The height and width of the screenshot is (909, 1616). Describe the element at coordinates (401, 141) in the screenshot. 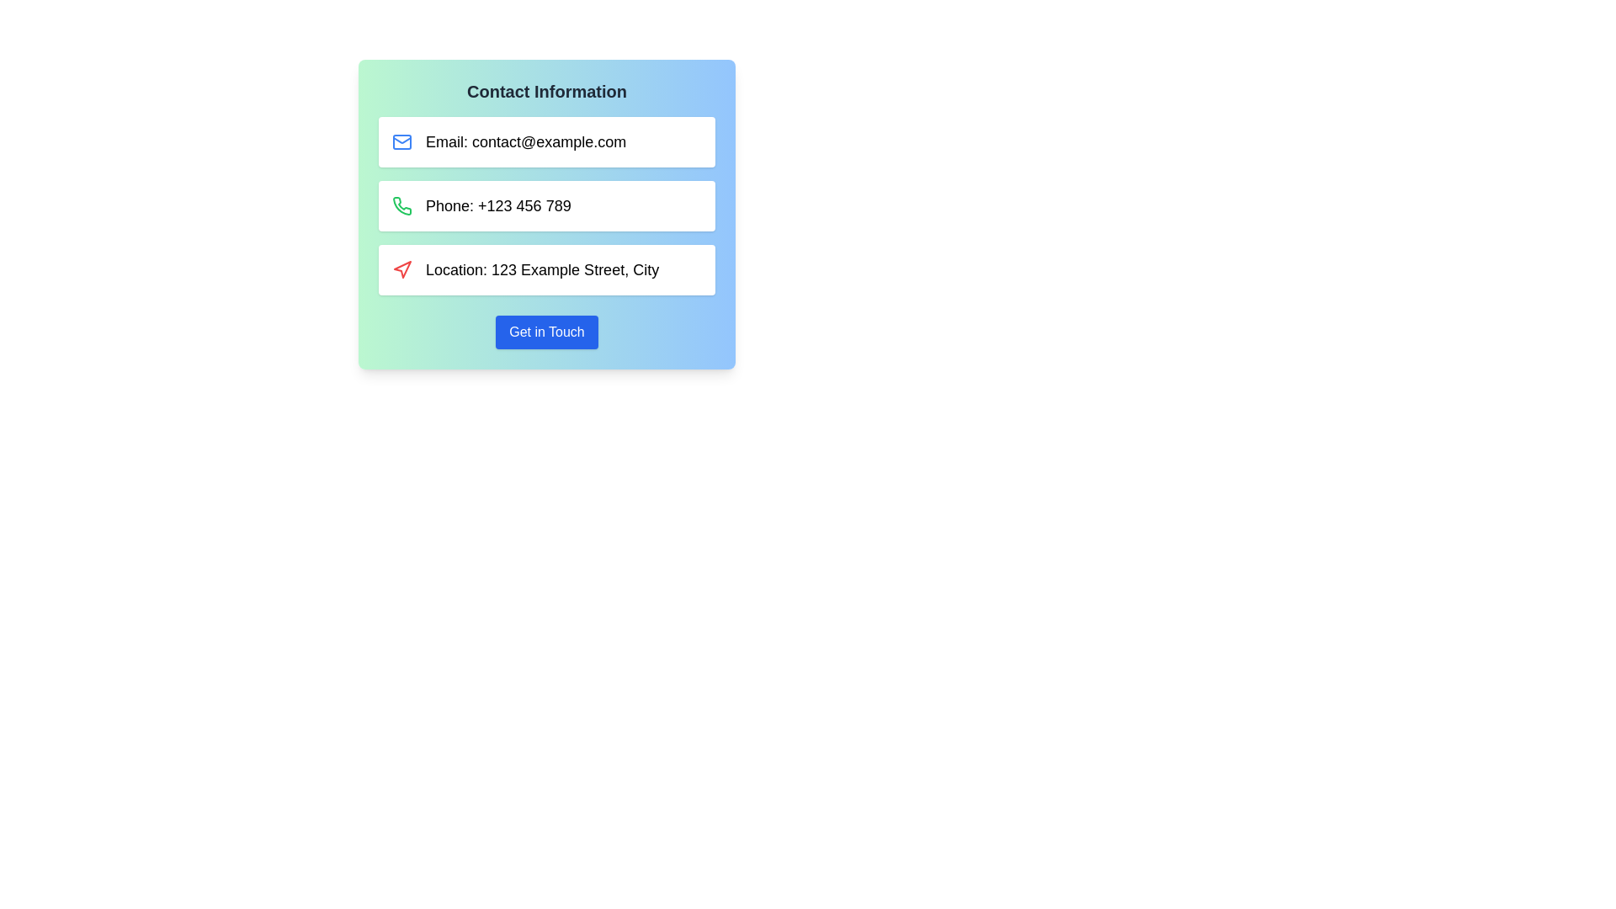

I see `the SVG rectangle component that serves as the background of the envelope icon next to the 'Email: contact@example.com' text field, if it is interactive` at that location.